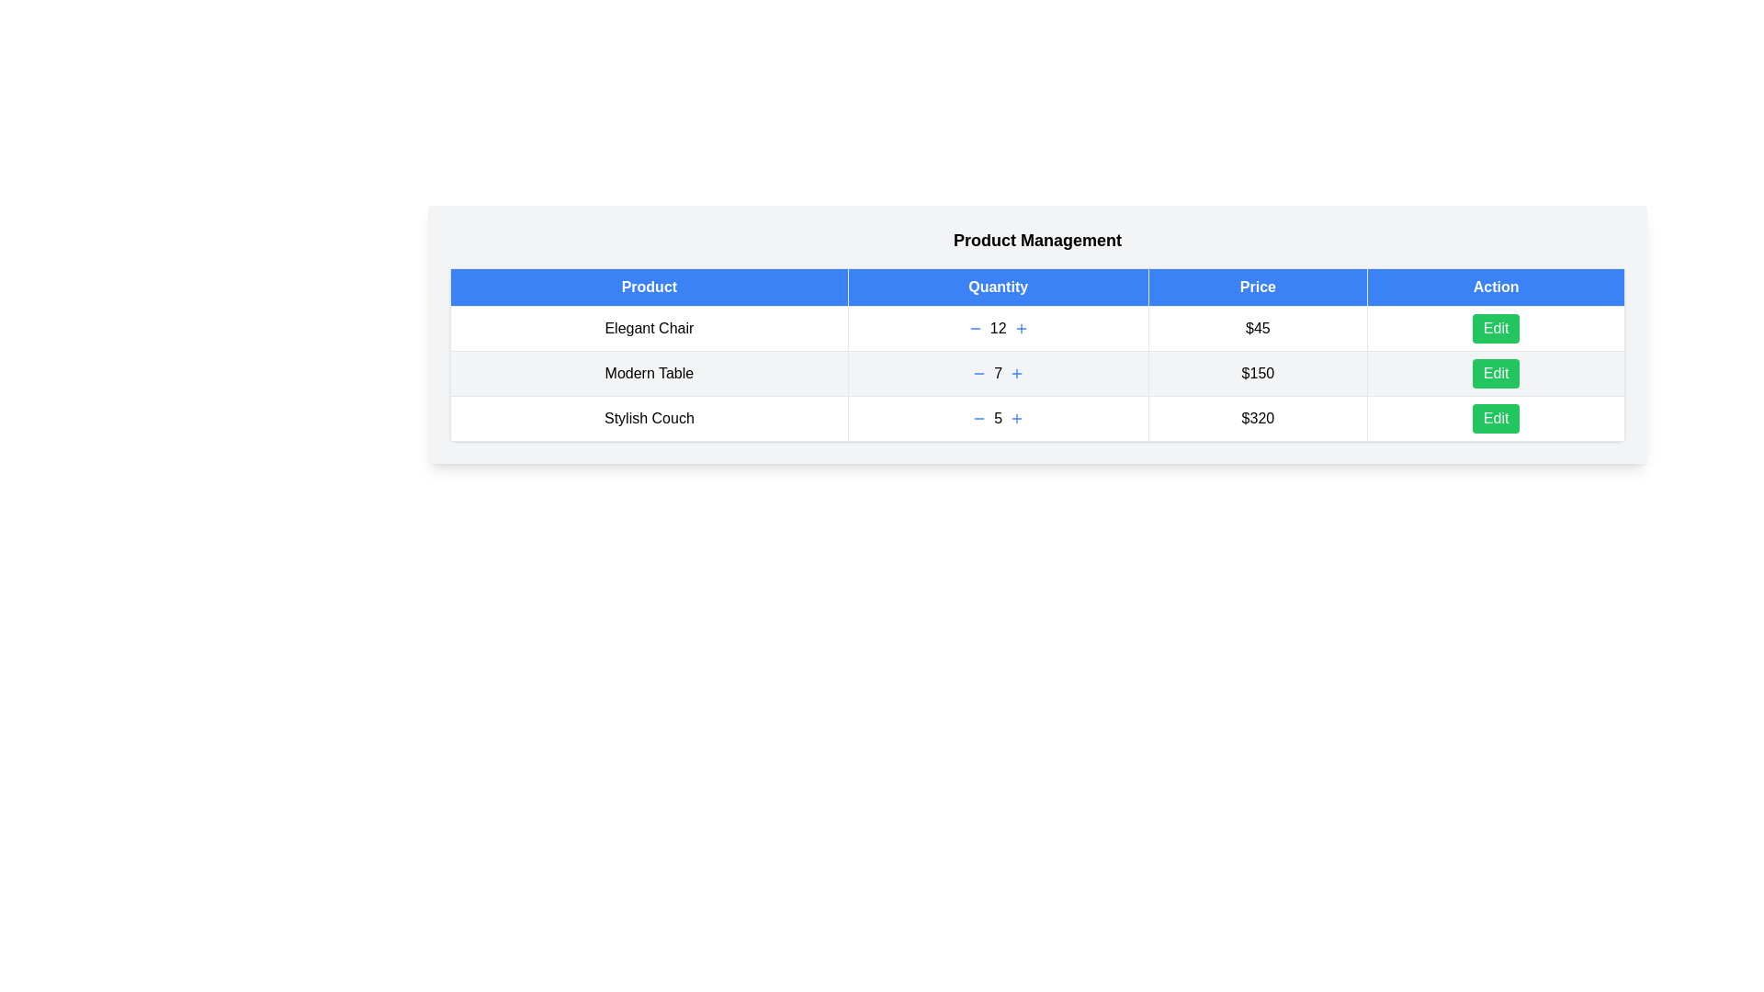 This screenshot has width=1764, height=992. What do you see at coordinates (1496, 418) in the screenshot?
I see `the 'Edit' button for the product with description 'Stylish Couch'` at bounding box center [1496, 418].